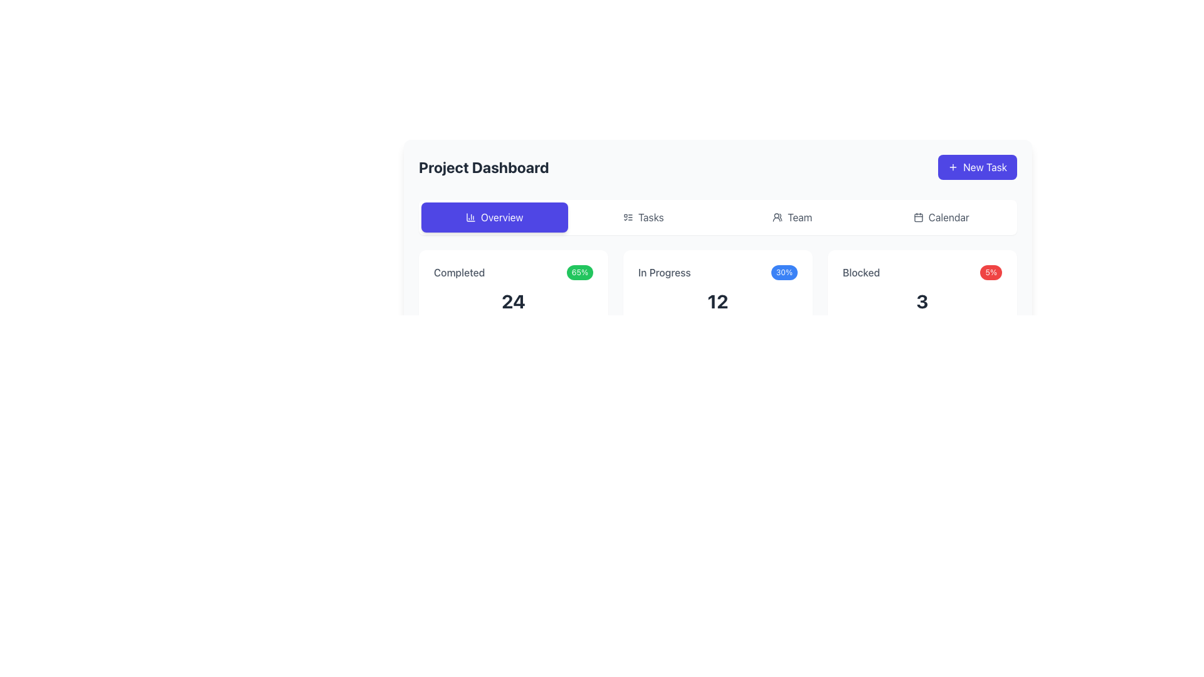  I want to click on the Text label located in the header section, positioned between the 'Team' button and the 'New Task' button, so click(949, 217).